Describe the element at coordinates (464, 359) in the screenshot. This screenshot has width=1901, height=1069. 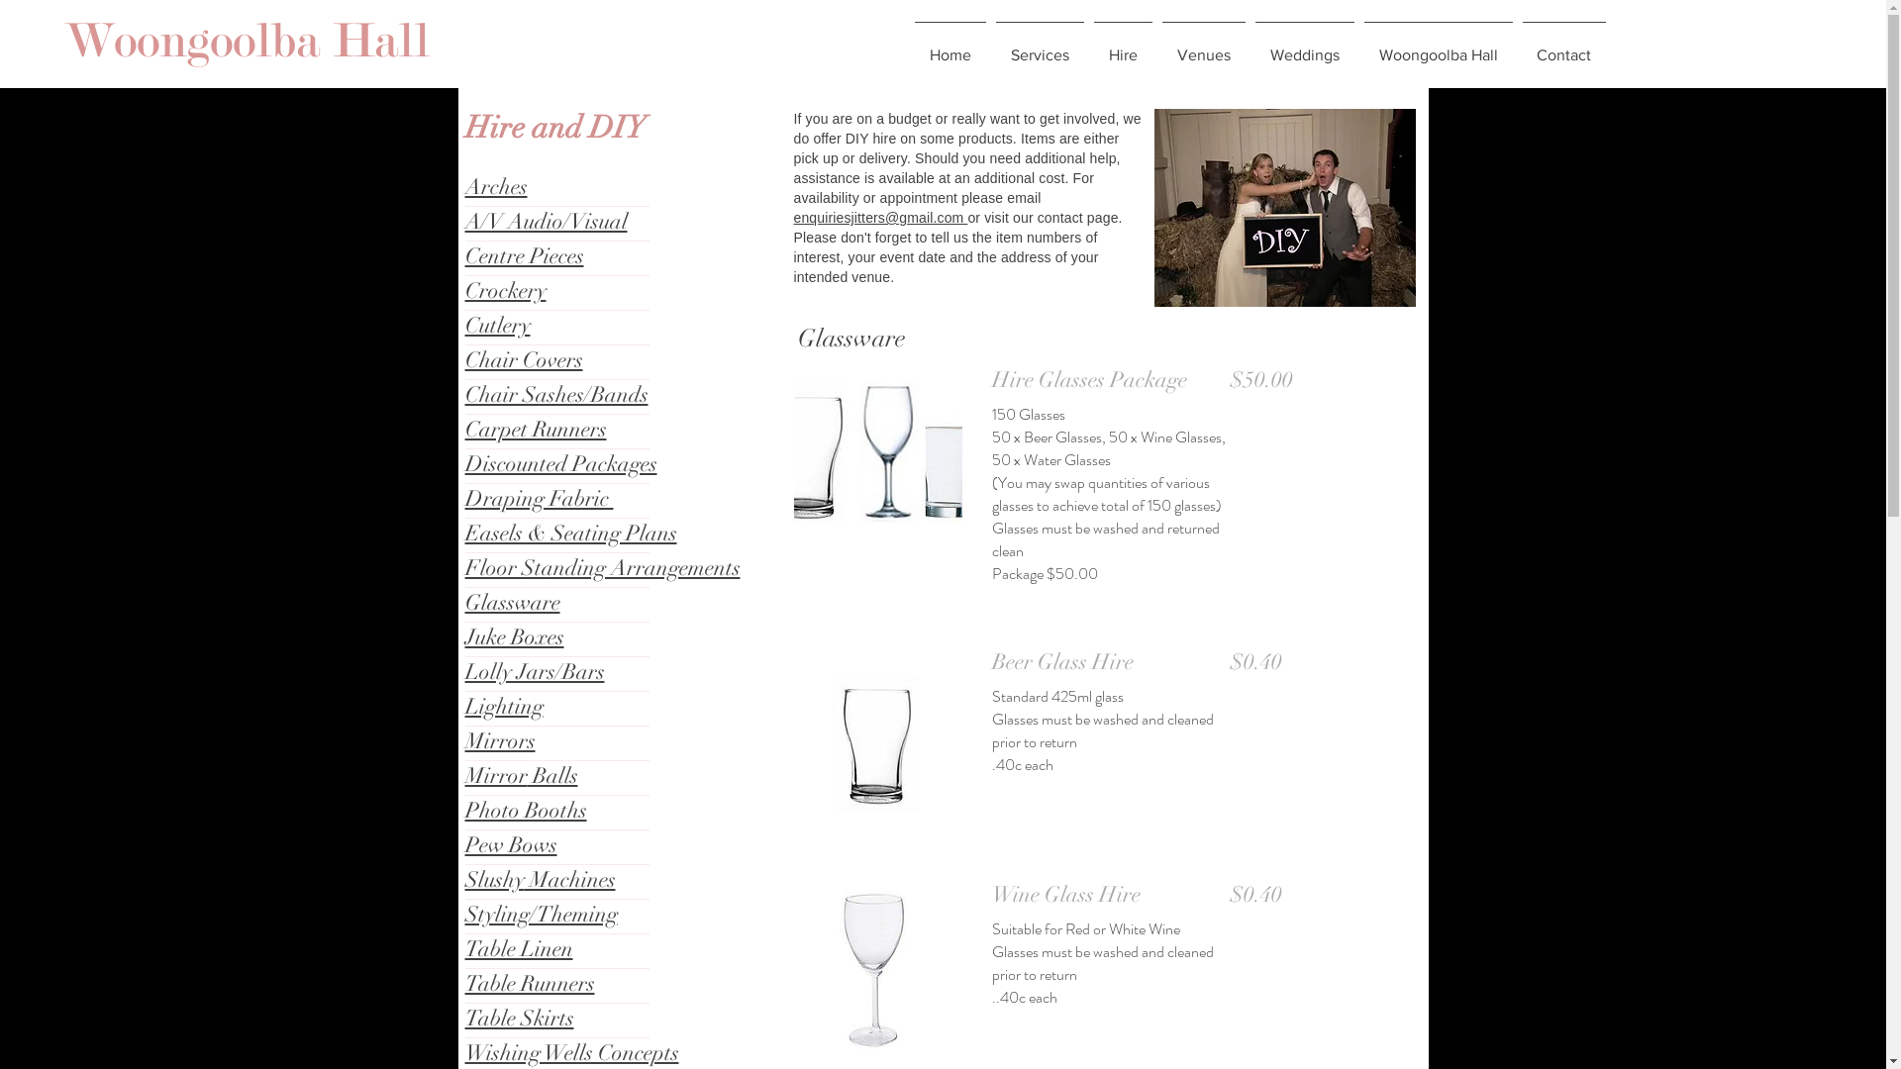
I see `'Chair Covers'` at that location.